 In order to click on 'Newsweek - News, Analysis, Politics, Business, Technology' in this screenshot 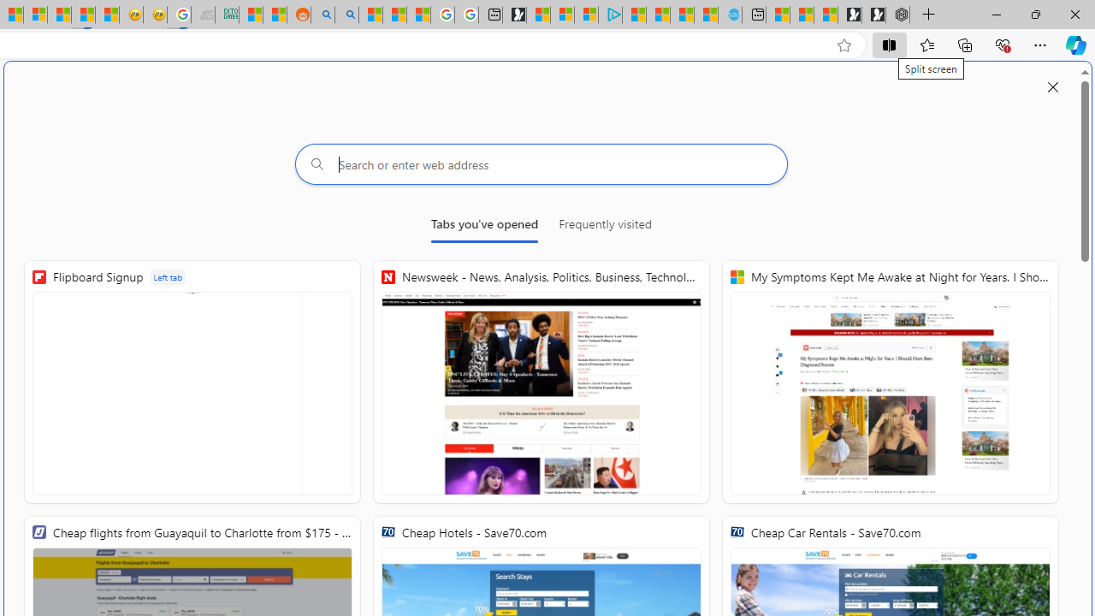, I will do `click(540, 381)`.